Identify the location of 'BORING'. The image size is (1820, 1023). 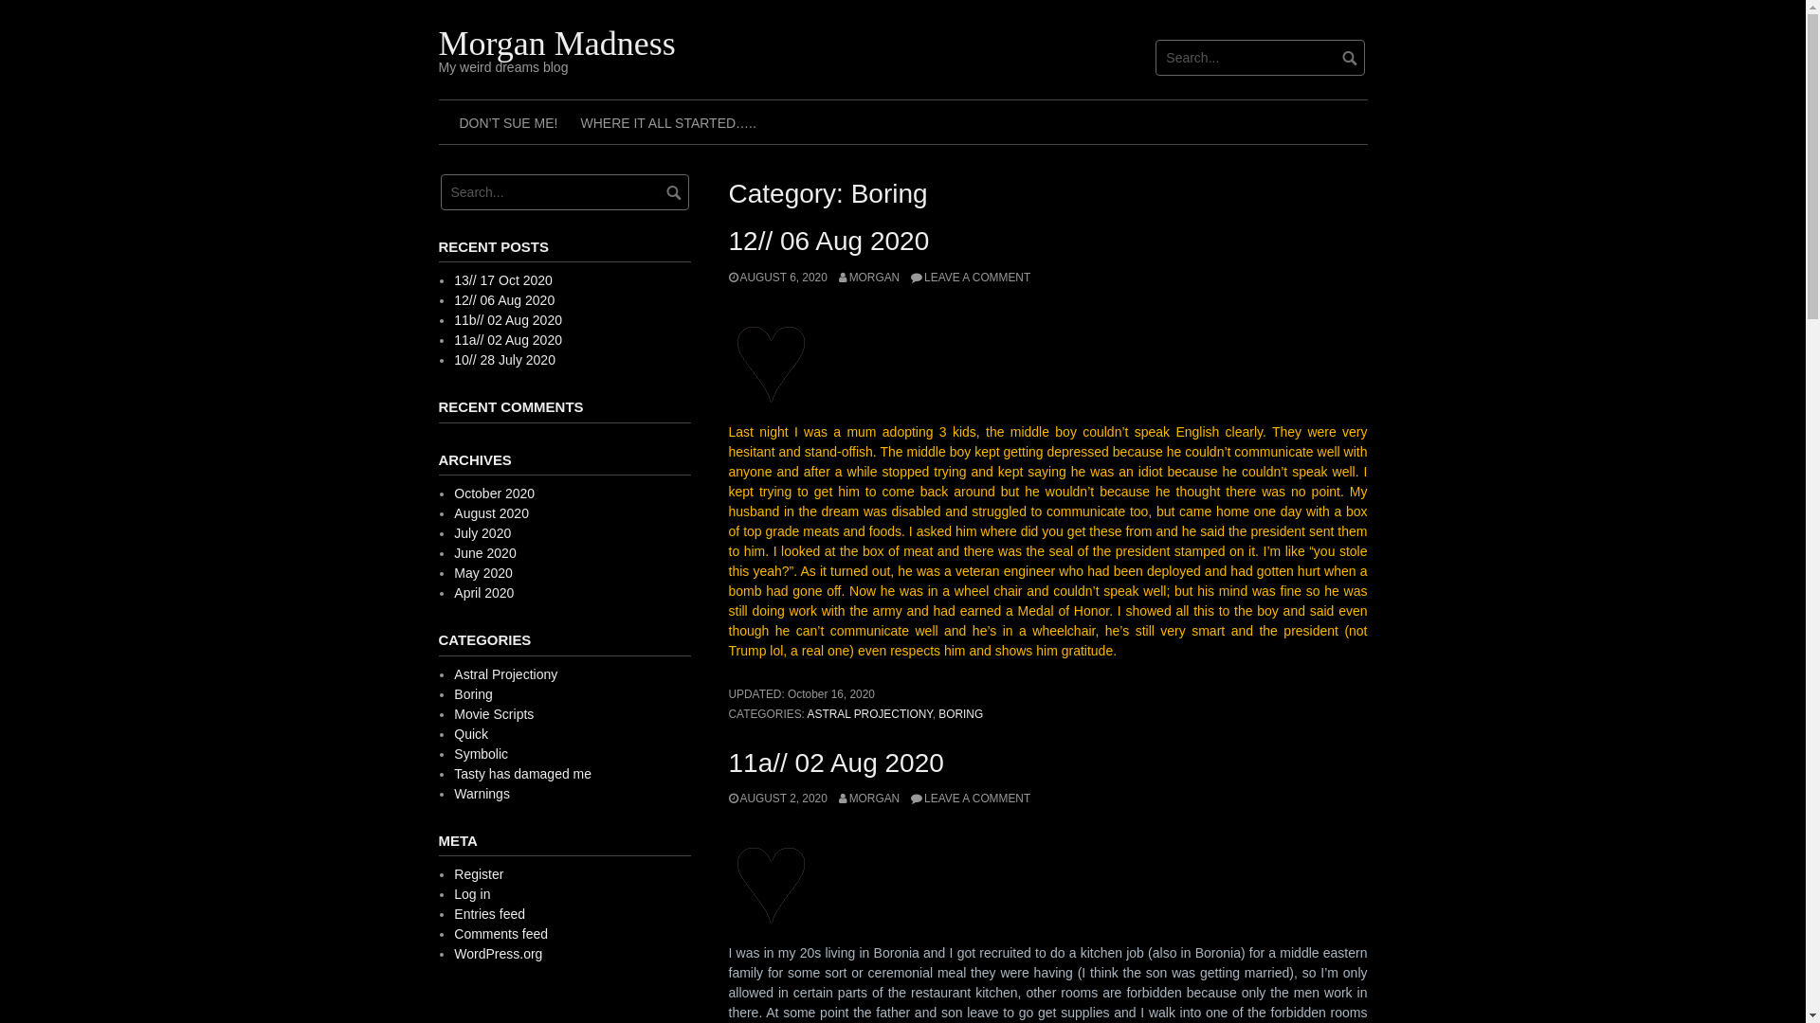
(960, 713).